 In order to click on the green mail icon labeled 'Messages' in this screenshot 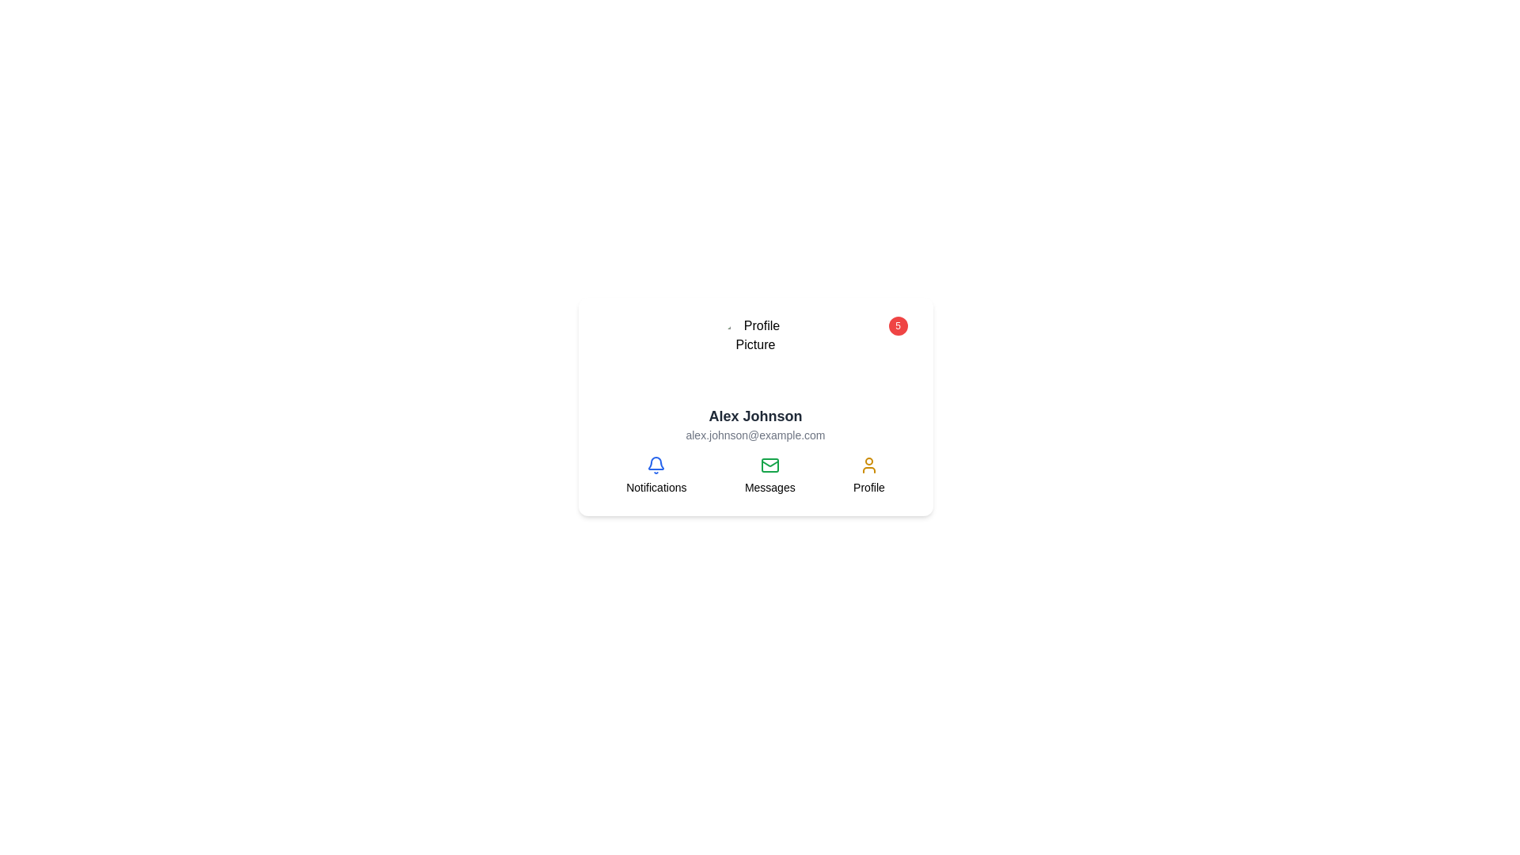, I will do `click(769, 475)`.